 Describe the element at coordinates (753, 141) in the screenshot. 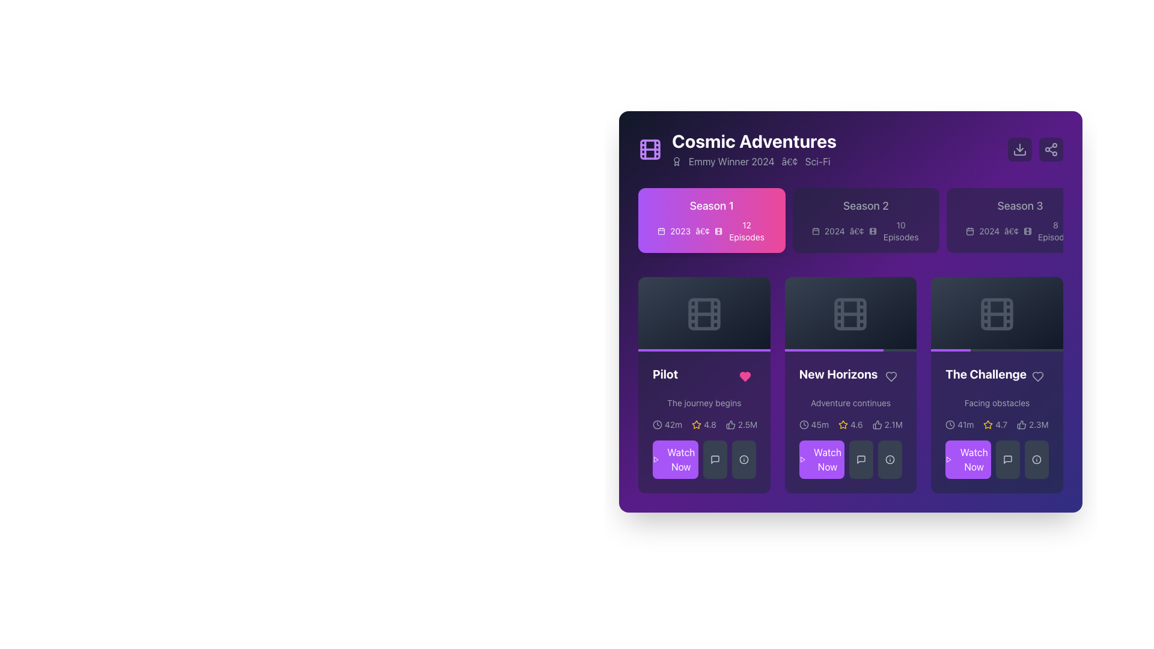

I see `the Text label that serves as the title or main heading for the content displayed on the user interface, located at the center-top region of the right panel, above the label 'Emmy Winner 2024 • Sci-Fi'` at that location.